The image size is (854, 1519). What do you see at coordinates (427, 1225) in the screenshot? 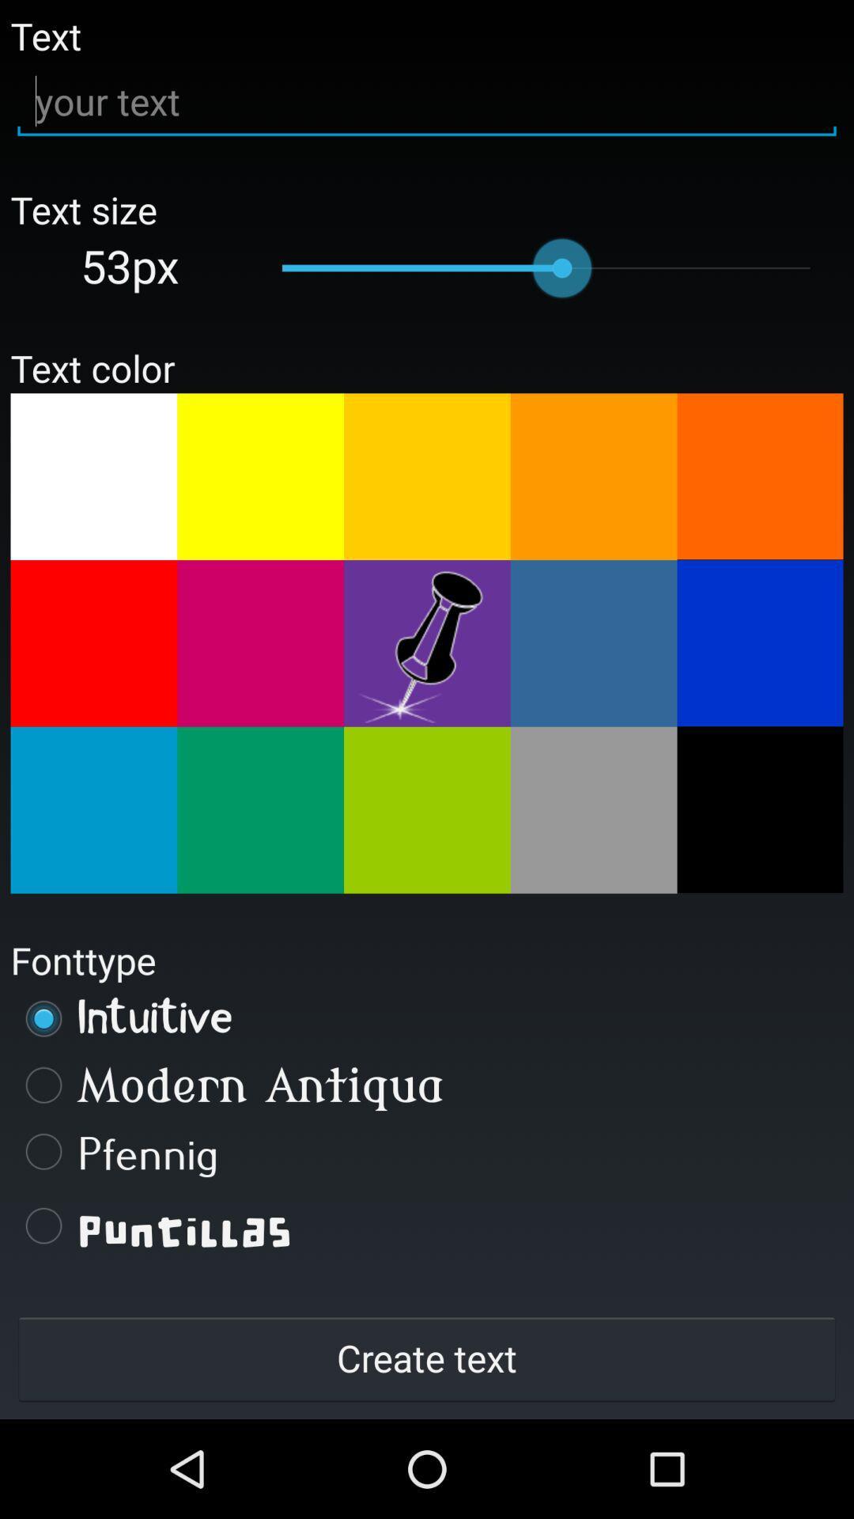
I see `icon above the create text` at bounding box center [427, 1225].